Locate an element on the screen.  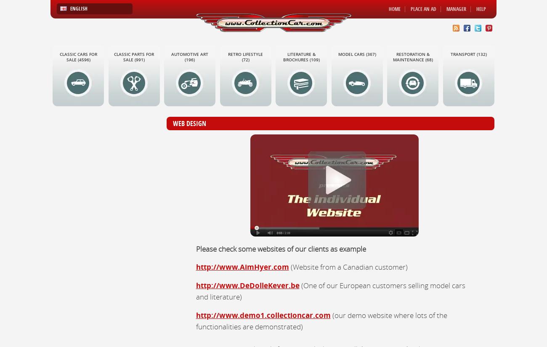
'http://www.demo1.collectioncar.com' is located at coordinates (195, 314).